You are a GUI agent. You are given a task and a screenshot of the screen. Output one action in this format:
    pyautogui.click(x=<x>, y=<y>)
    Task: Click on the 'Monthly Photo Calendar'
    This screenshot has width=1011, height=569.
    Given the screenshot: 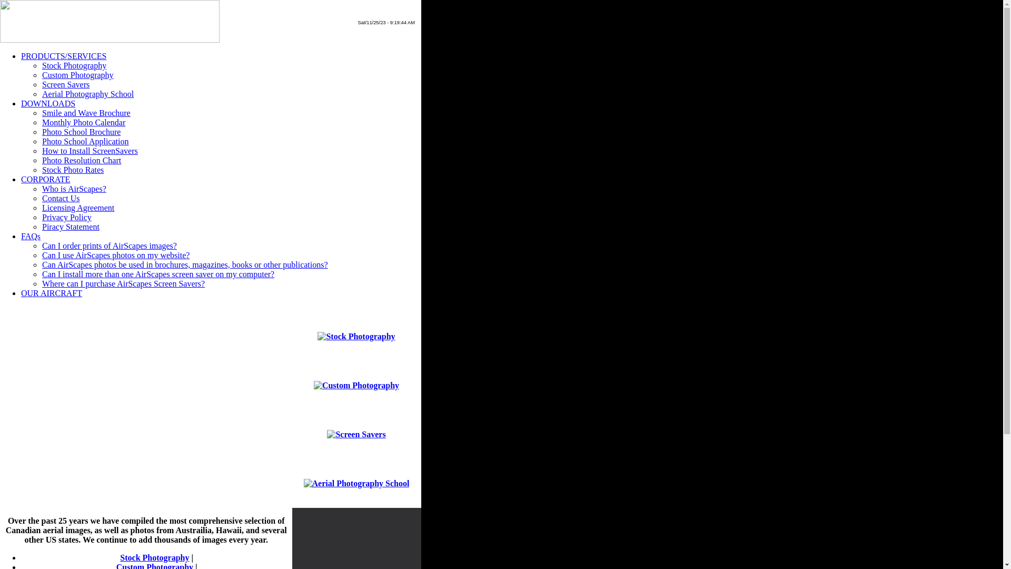 What is the action you would take?
    pyautogui.click(x=83, y=122)
    